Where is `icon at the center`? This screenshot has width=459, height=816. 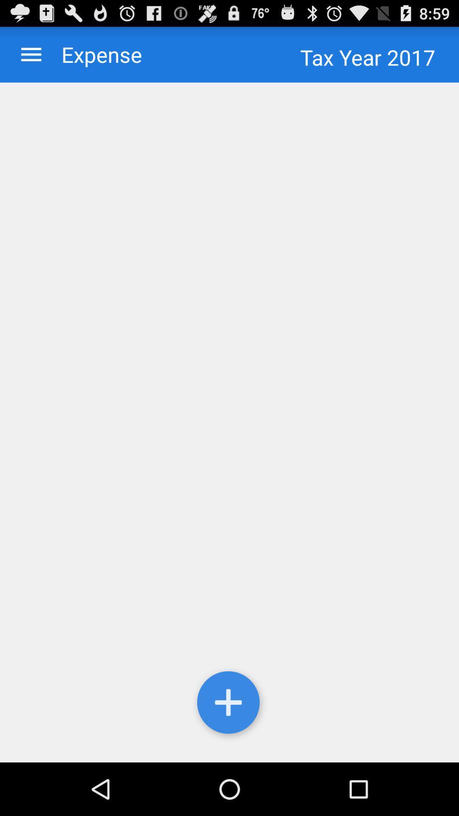
icon at the center is located at coordinates (229, 422).